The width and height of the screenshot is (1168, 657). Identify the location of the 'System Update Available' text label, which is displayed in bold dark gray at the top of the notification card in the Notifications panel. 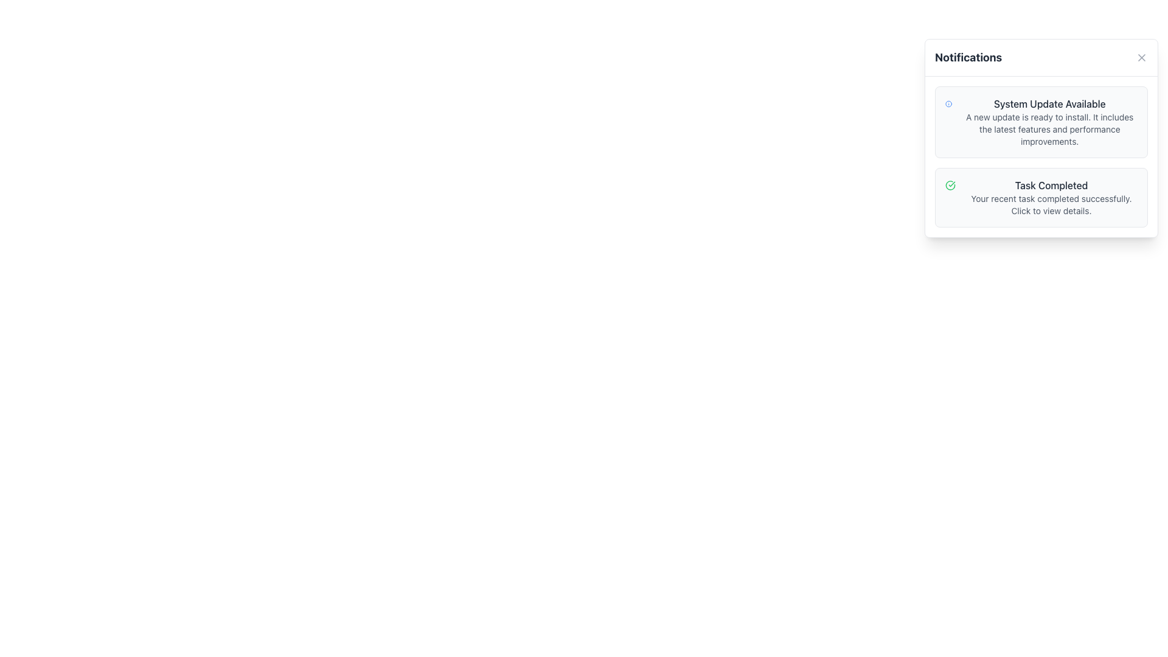
(1049, 103).